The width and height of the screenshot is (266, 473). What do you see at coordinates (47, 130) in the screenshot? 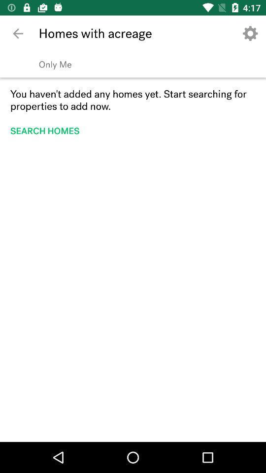
I see `the item below the you haven t item` at bounding box center [47, 130].